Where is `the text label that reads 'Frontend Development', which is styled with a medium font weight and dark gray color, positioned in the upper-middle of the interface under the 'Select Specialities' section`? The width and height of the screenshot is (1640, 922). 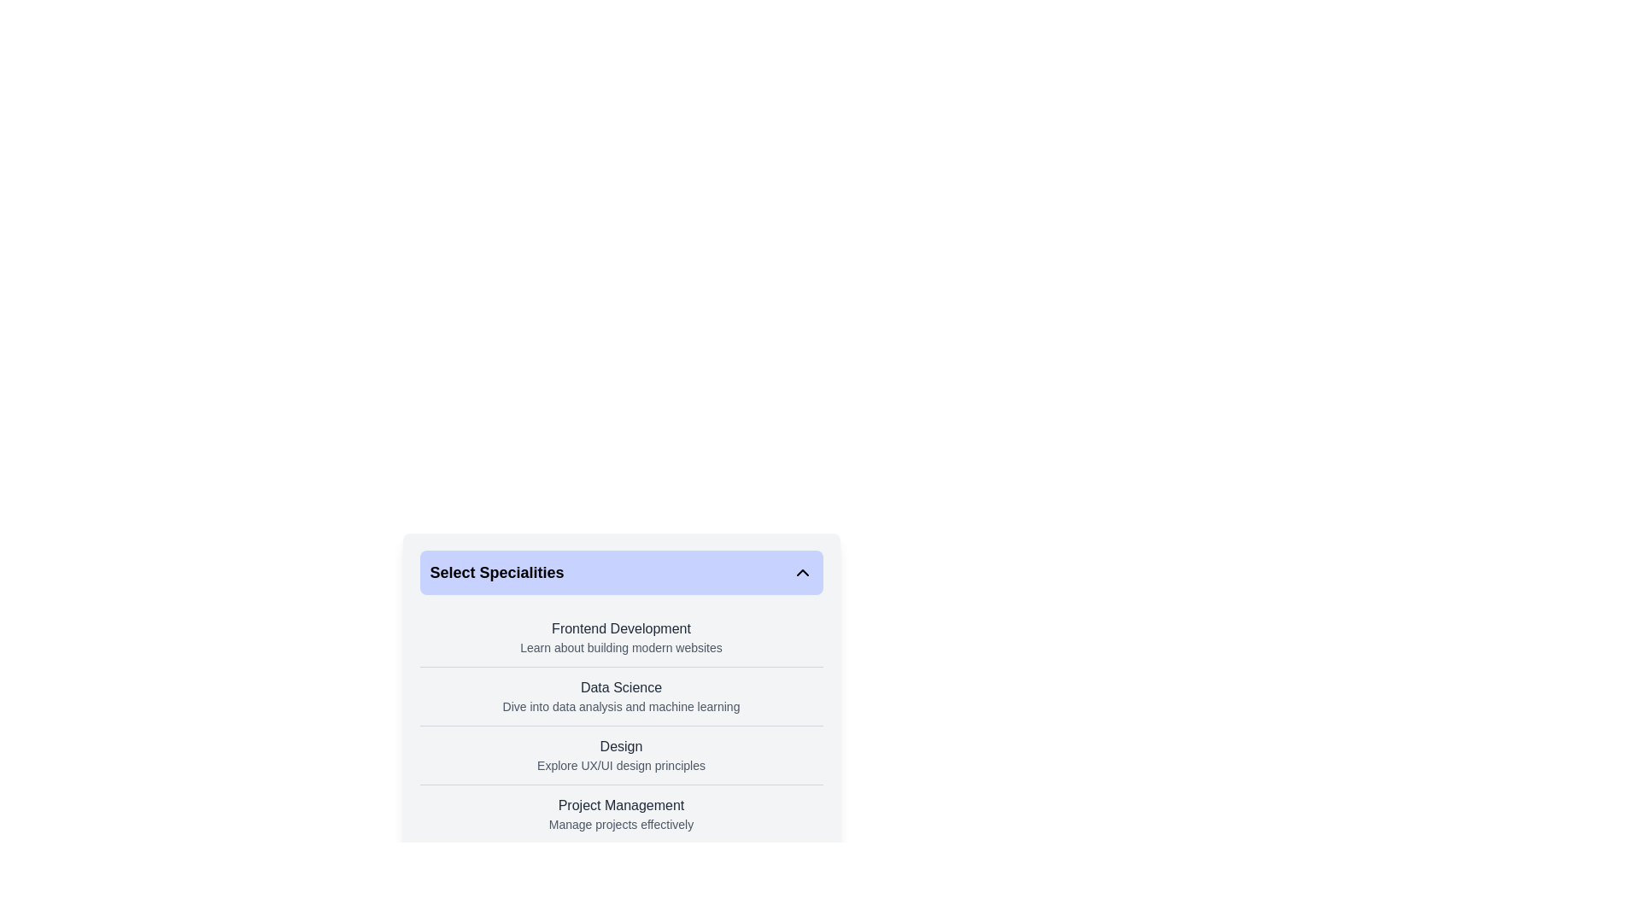 the text label that reads 'Frontend Development', which is styled with a medium font weight and dark gray color, positioned in the upper-middle of the interface under the 'Select Specialities' section is located at coordinates (620, 628).